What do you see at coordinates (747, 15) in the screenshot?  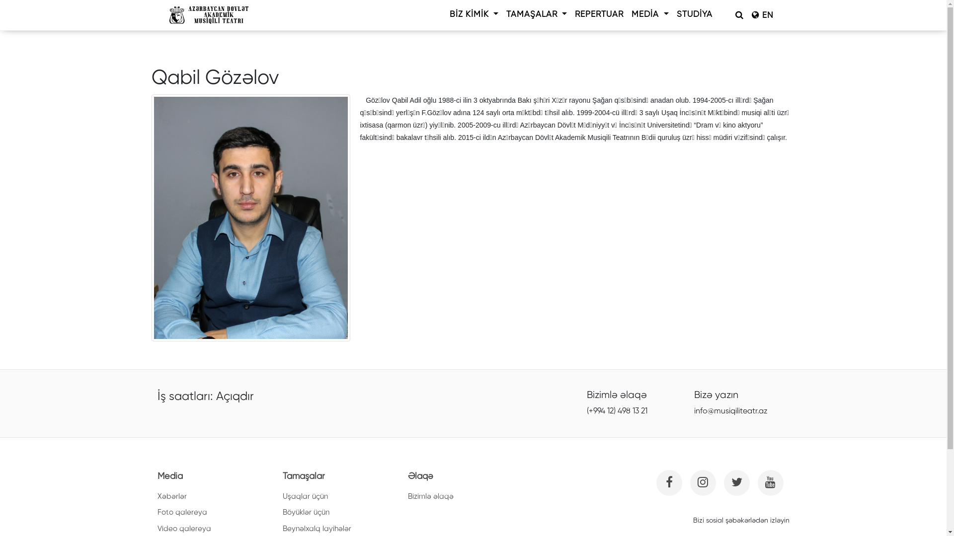 I see `'EN'` at bounding box center [747, 15].